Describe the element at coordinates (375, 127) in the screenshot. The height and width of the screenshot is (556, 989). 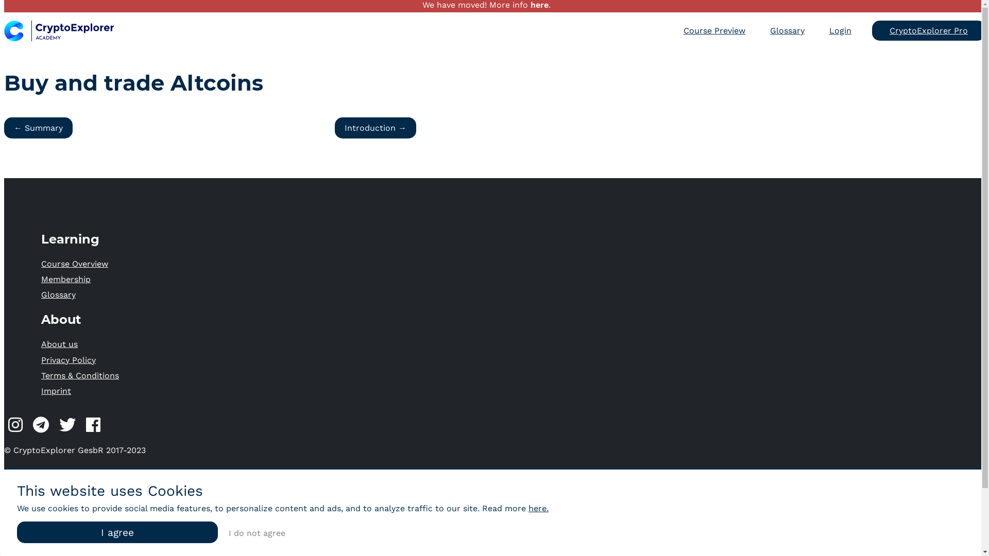
I see `'Introduction'` at that location.